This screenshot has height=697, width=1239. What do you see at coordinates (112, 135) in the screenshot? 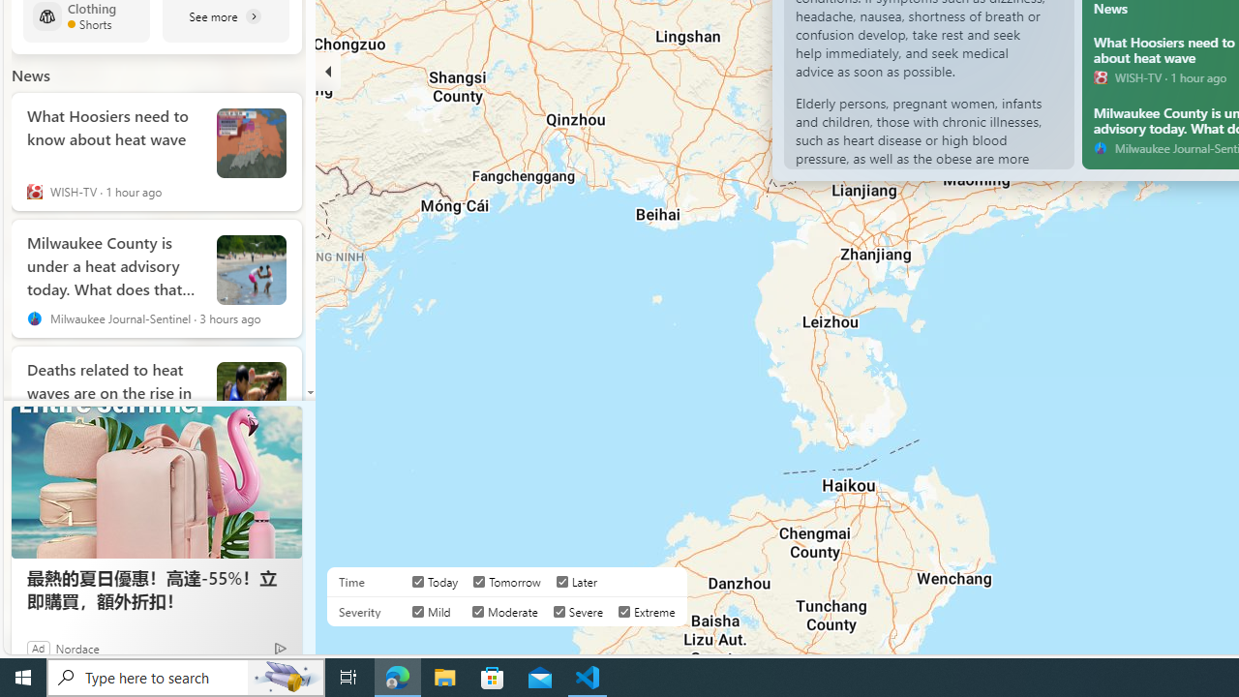
I see `'What Hoosiers need to know about heat wave'` at bounding box center [112, 135].